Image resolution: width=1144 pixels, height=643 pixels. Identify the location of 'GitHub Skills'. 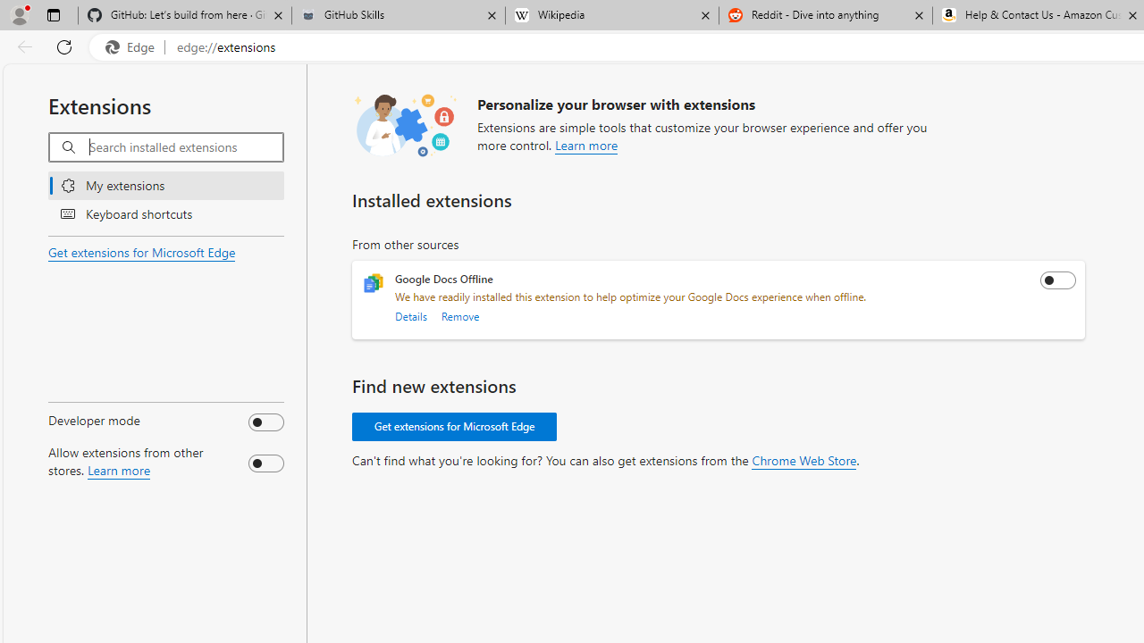
(397, 15).